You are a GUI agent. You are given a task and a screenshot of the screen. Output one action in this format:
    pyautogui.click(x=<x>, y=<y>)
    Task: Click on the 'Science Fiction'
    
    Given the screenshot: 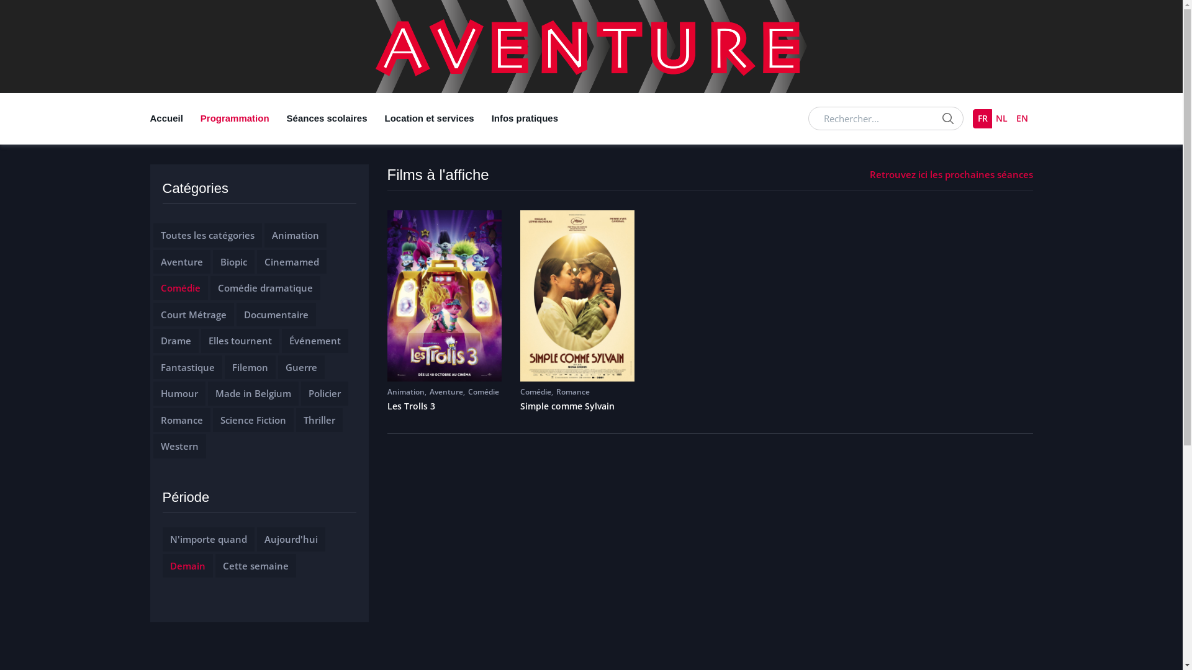 What is the action you would take?
    pyautogui.click(x=252, y=419)
    